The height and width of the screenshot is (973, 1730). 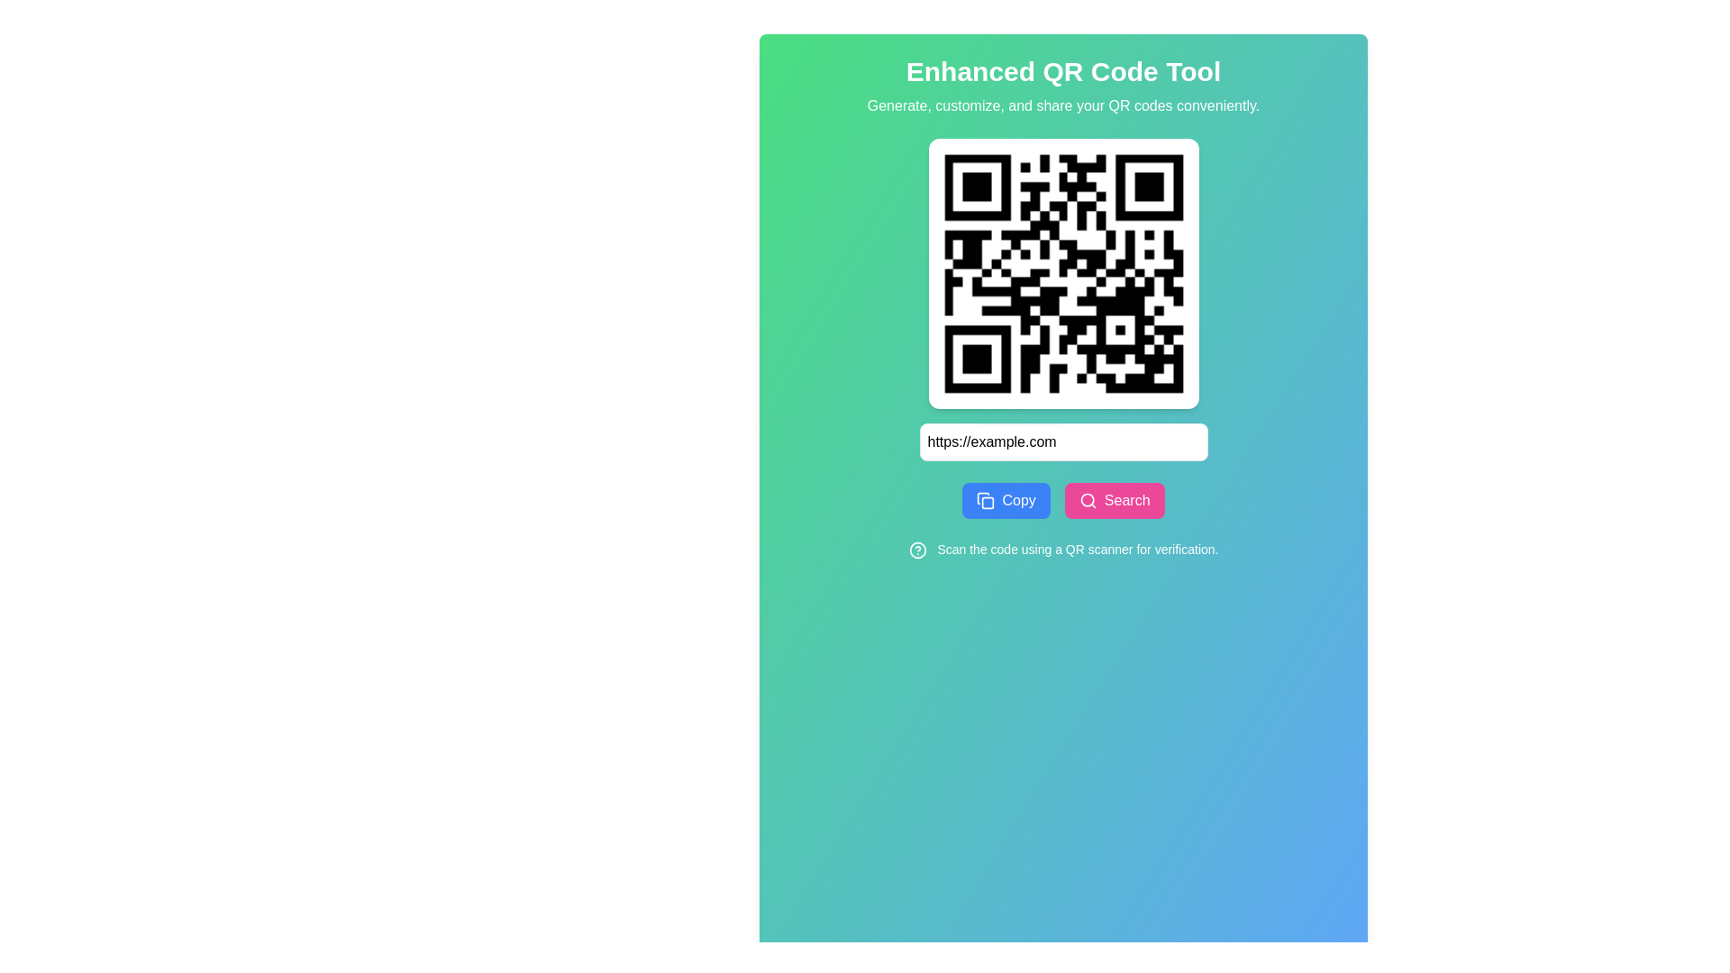 I want to click on magnifying glass icon located within the pink 'Search' button, positioned to the left of the text 'Search', so click(x=1087, y=500).